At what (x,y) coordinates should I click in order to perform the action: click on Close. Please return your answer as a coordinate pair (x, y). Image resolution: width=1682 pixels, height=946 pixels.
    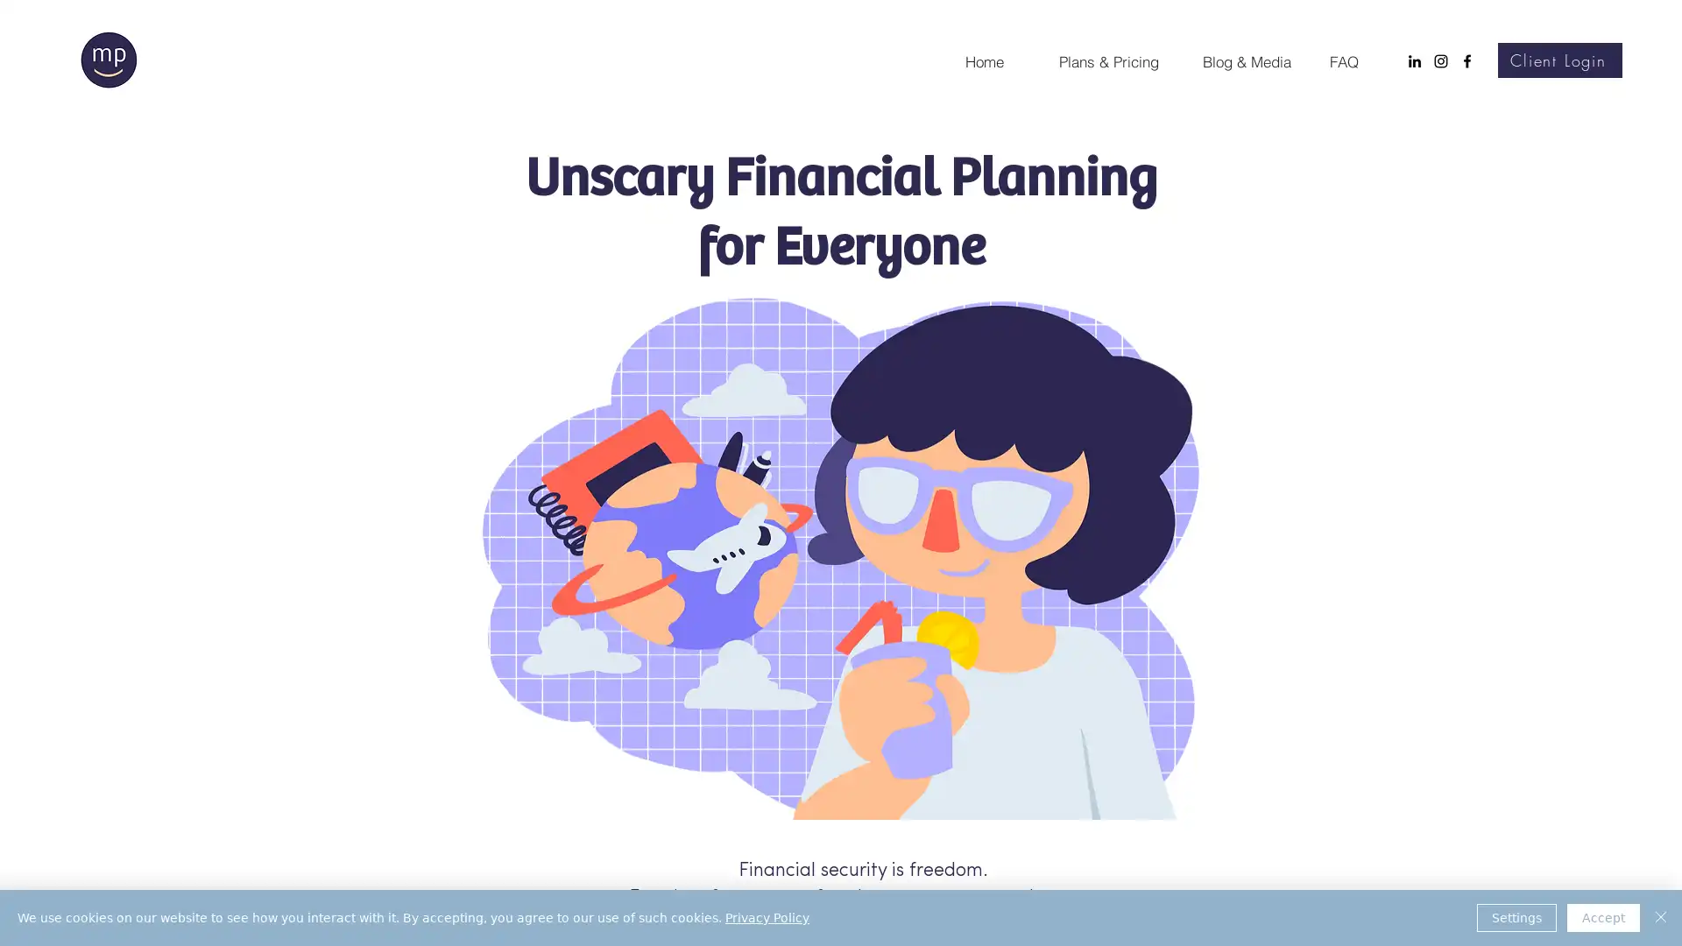
    Looking at the image, I should click on (1660, 917).